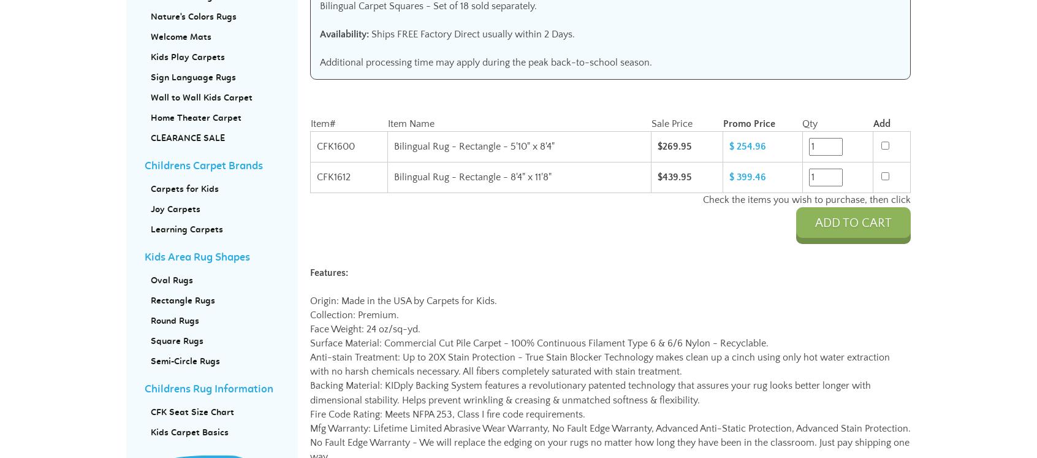 This screenshot has width=1037, height=458. I want to click on 'Bilingual Rug  - Rectangle - 5'10" x 8'4"', so click(473, 145).